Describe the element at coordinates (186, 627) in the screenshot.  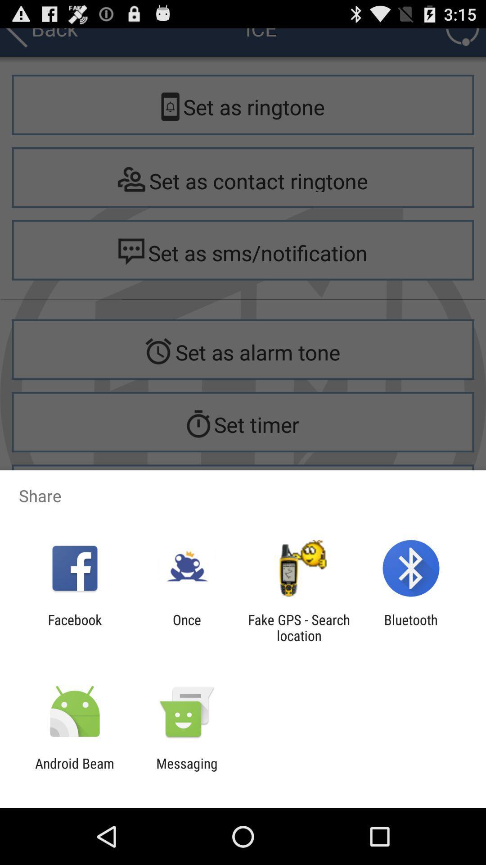
I see `the item next to the fake gps search item` at that location.